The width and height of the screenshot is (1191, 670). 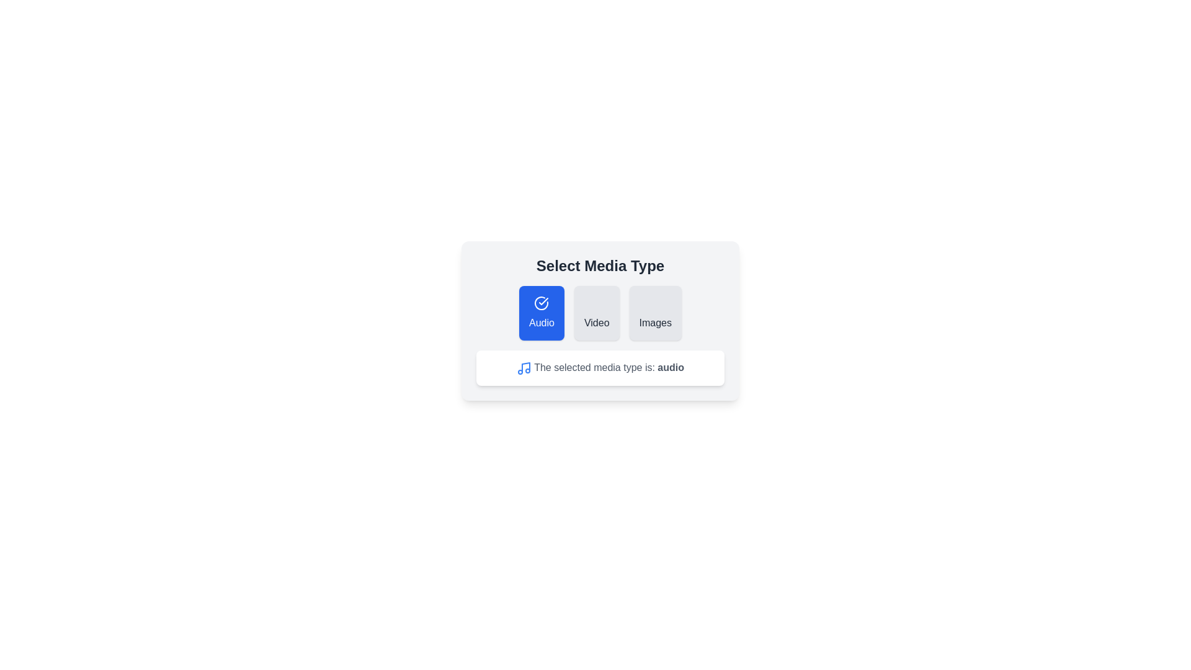 What do you see at coordinates (654, 313) in the screenshot?
I see `the 'Images' button located below the title 'Select Media Type'` at bounding box center [654, 313].